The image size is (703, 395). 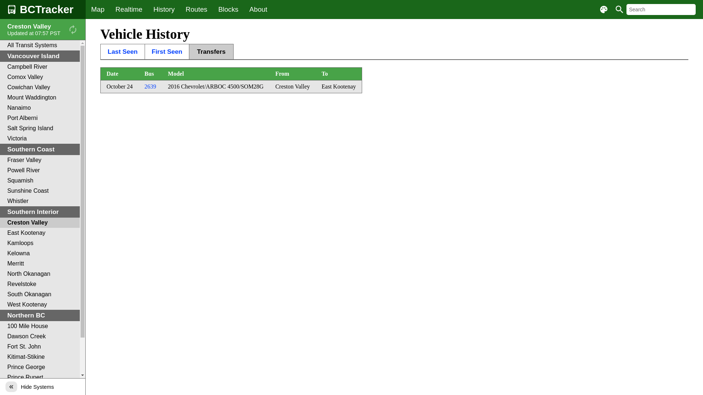 I want to click on '2639', so click(x=150, y=86).